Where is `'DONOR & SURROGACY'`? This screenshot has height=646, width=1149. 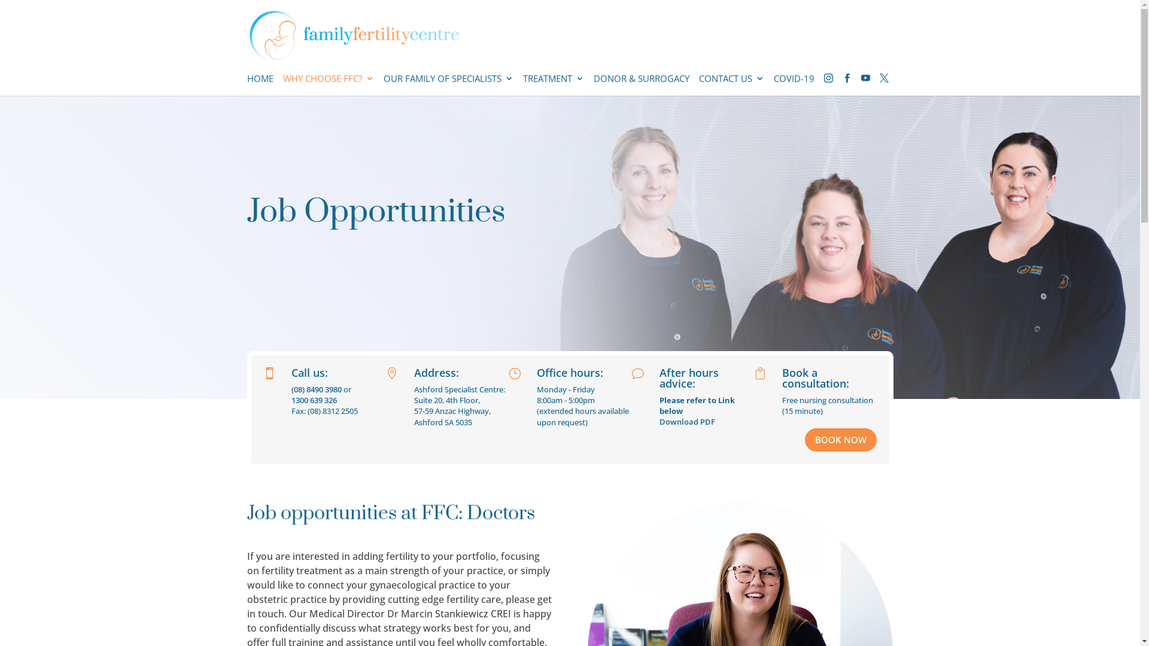
'DONOR & SURROGACY' is located at coordinates (640, 84).